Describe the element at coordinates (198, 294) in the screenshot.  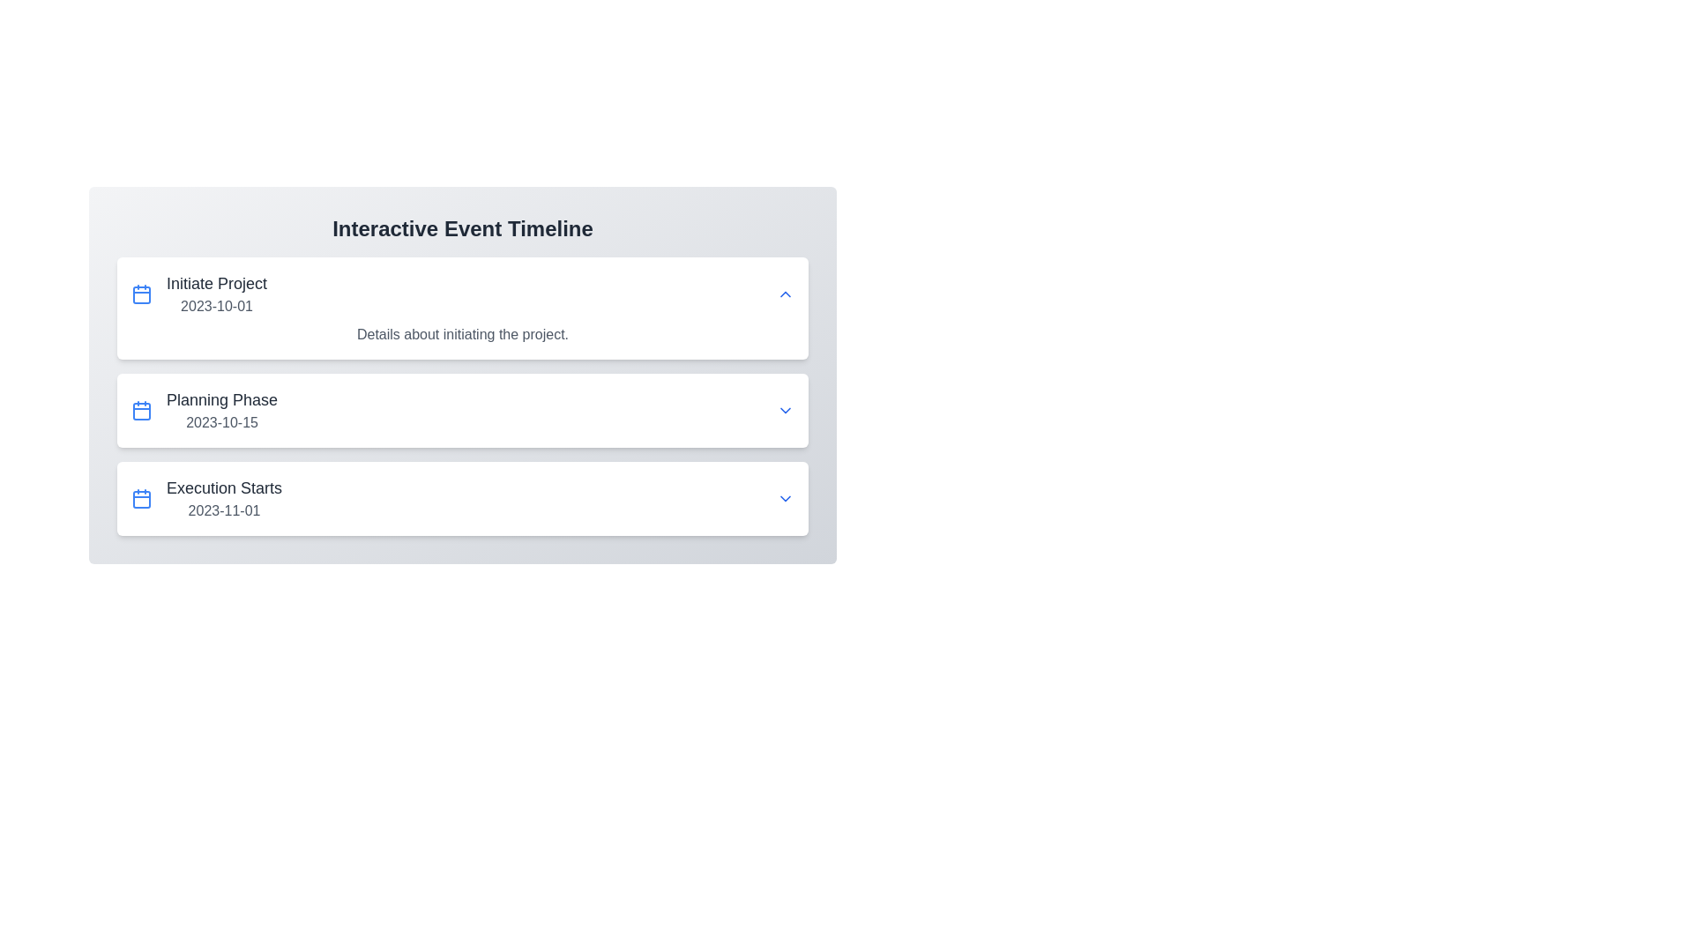
I see `the first Text Block representing a timeline event to associate the date with the event` at that location.